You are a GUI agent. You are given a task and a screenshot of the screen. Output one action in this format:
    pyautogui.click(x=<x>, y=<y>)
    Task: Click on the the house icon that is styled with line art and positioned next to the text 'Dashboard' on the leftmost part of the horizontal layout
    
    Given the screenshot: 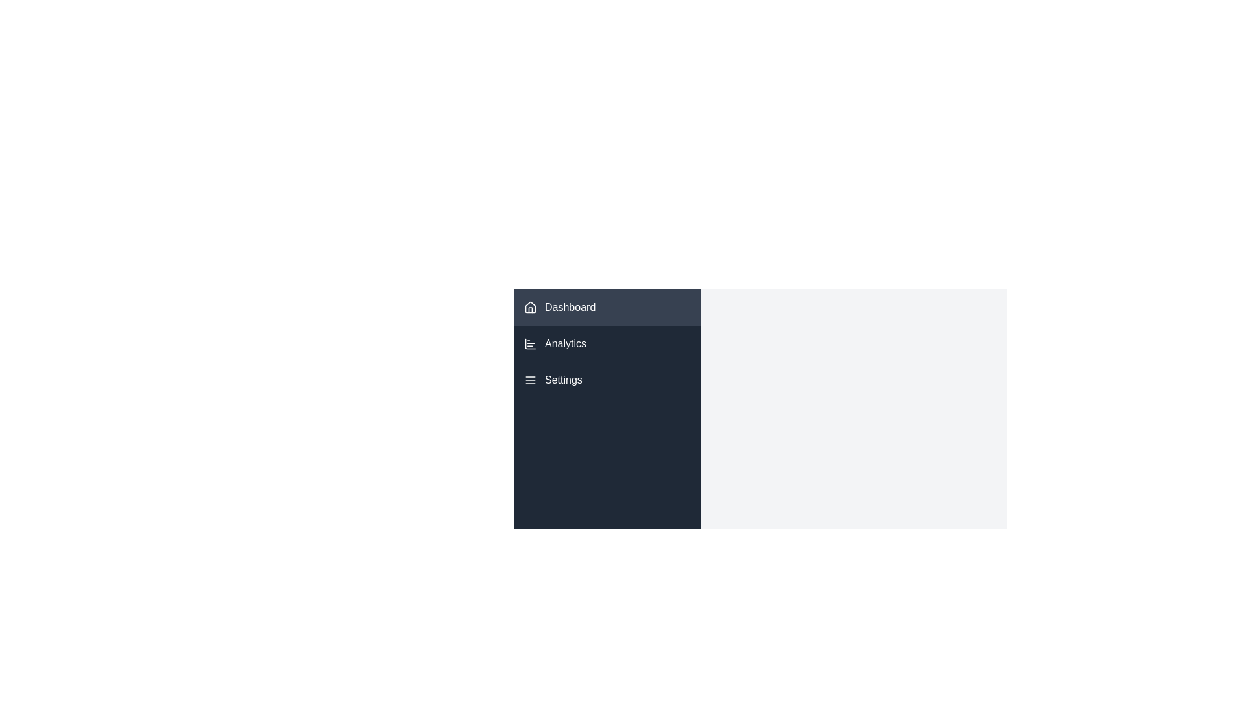 What is the action you would take?
    pyautogui.click(x=530, y=308)
    